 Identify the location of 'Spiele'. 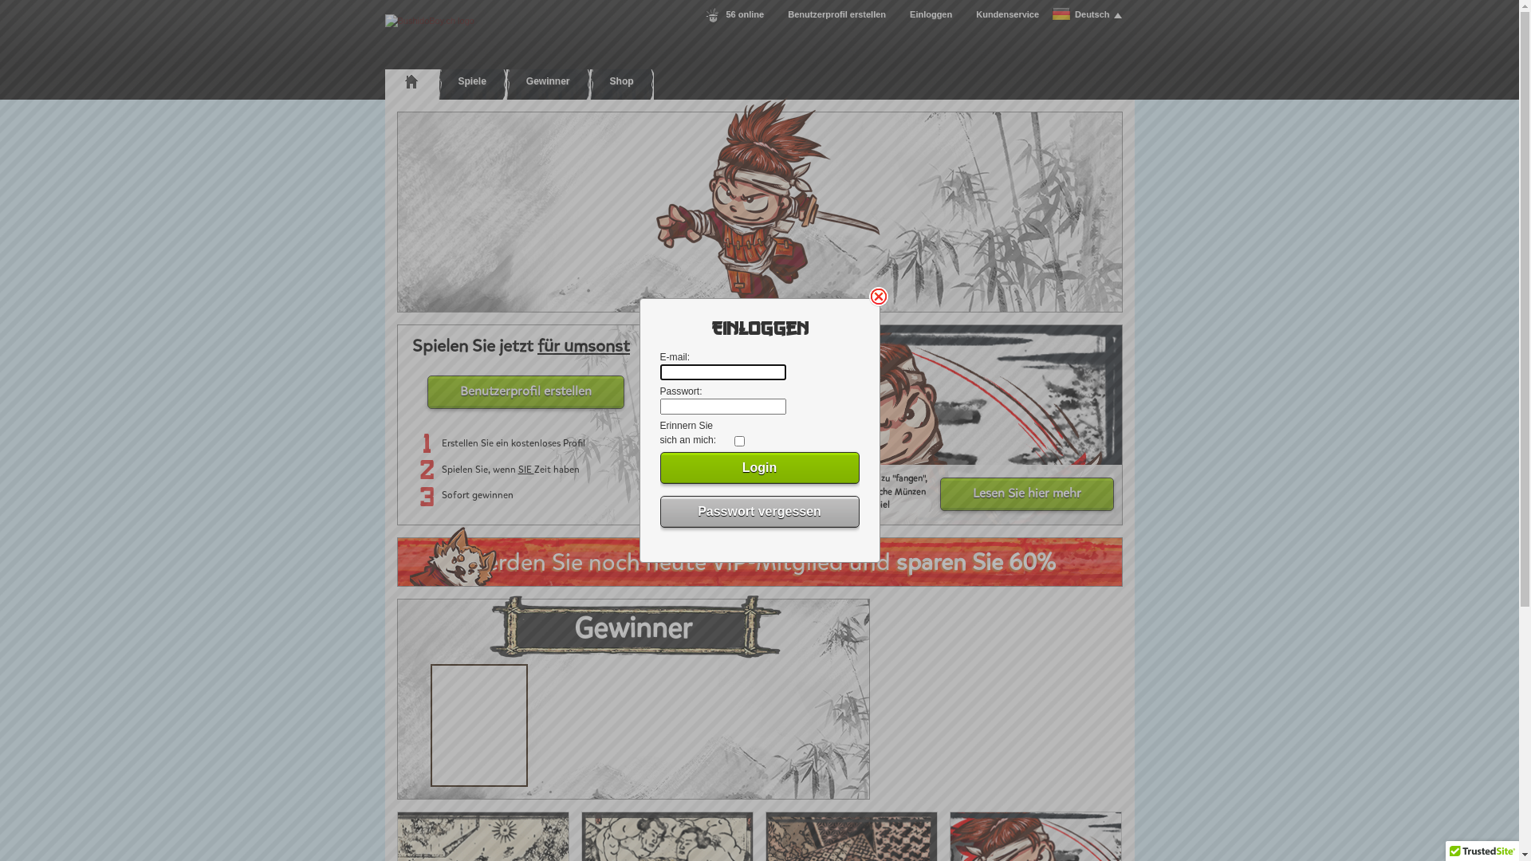
(471, 81).